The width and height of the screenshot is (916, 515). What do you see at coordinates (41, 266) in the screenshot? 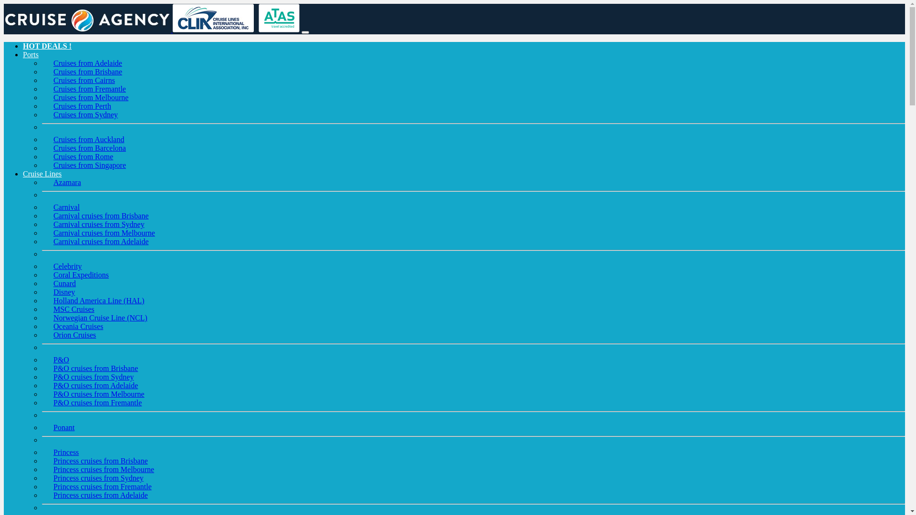
I see `'Celebrity'` at bounding box center [41, 266].